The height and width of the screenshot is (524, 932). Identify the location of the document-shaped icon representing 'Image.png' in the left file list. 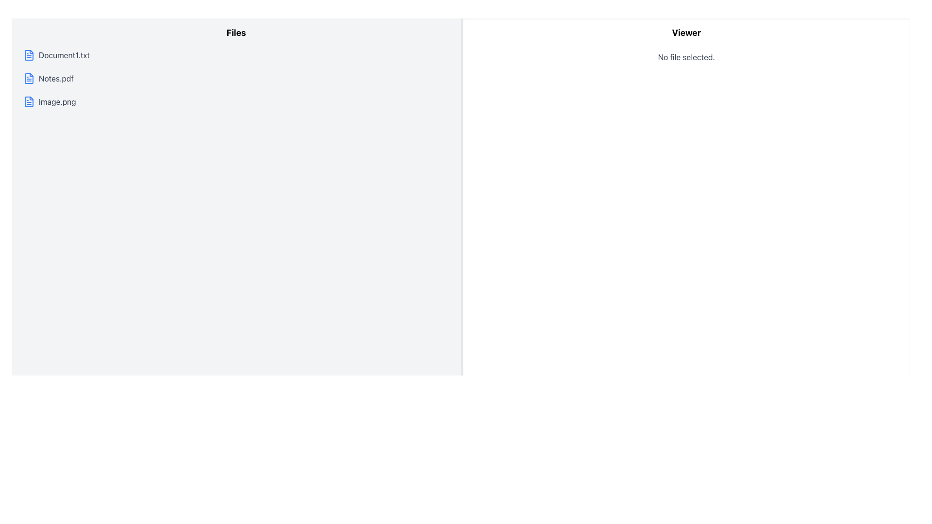
(29, 101).